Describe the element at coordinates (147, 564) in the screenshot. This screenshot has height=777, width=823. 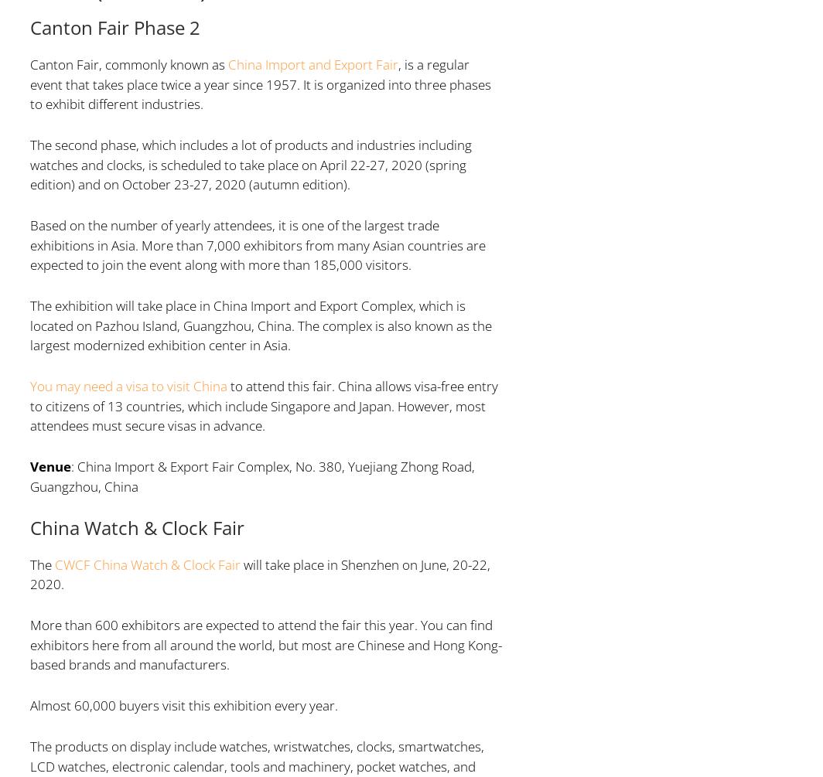
I see `'CWCF China Watch & Clock Fair'` at that location.